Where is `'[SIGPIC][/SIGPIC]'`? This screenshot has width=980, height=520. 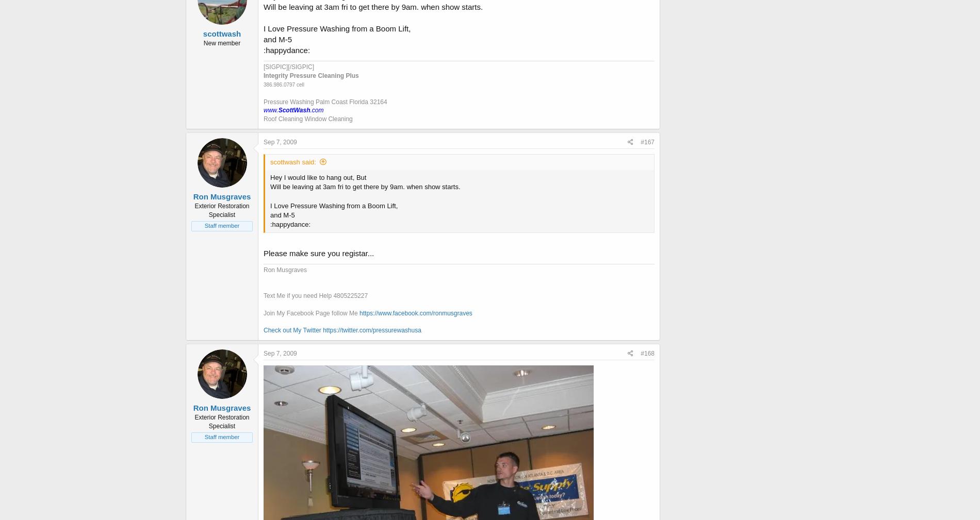 '[SIGPIC][/SIGPIC]' is located at coordinates (288, 66).